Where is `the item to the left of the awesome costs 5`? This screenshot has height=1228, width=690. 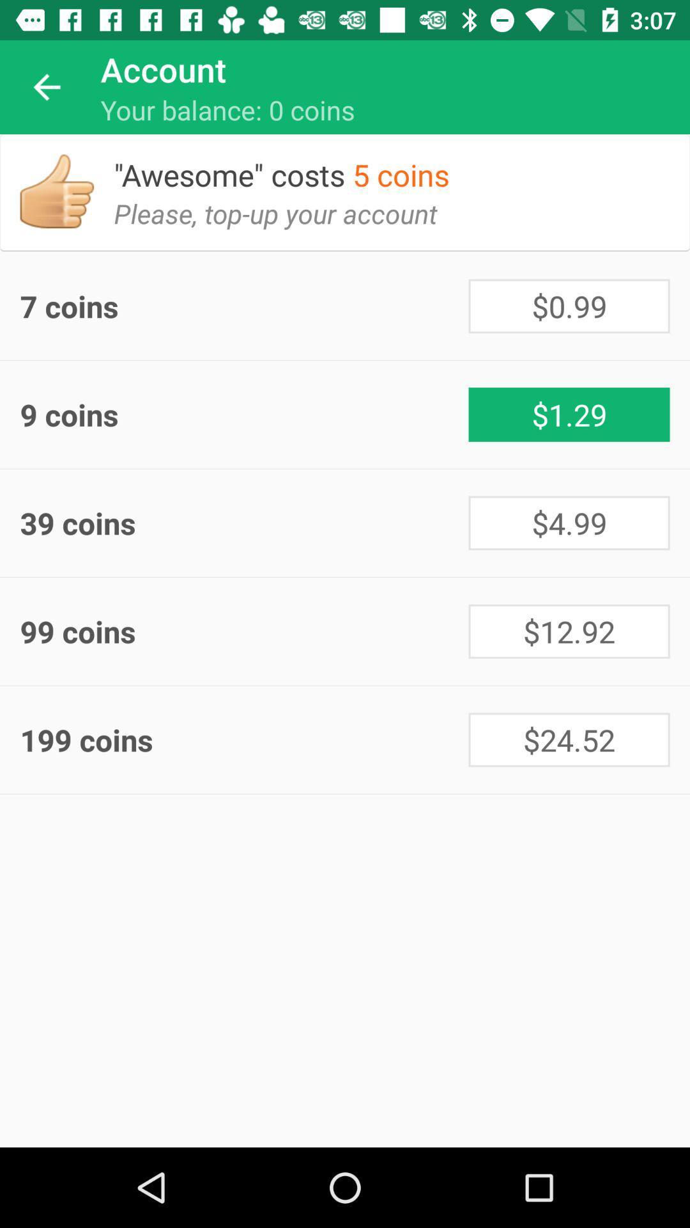 the item to the left of the awesome costs 5 is located at coordinates (56, 191).